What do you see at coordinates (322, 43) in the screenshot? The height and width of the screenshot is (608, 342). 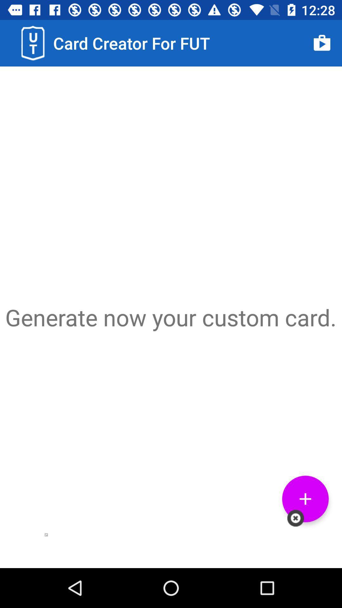 I see `the app next to the card creator for icon` at bounding box center [322, 43].